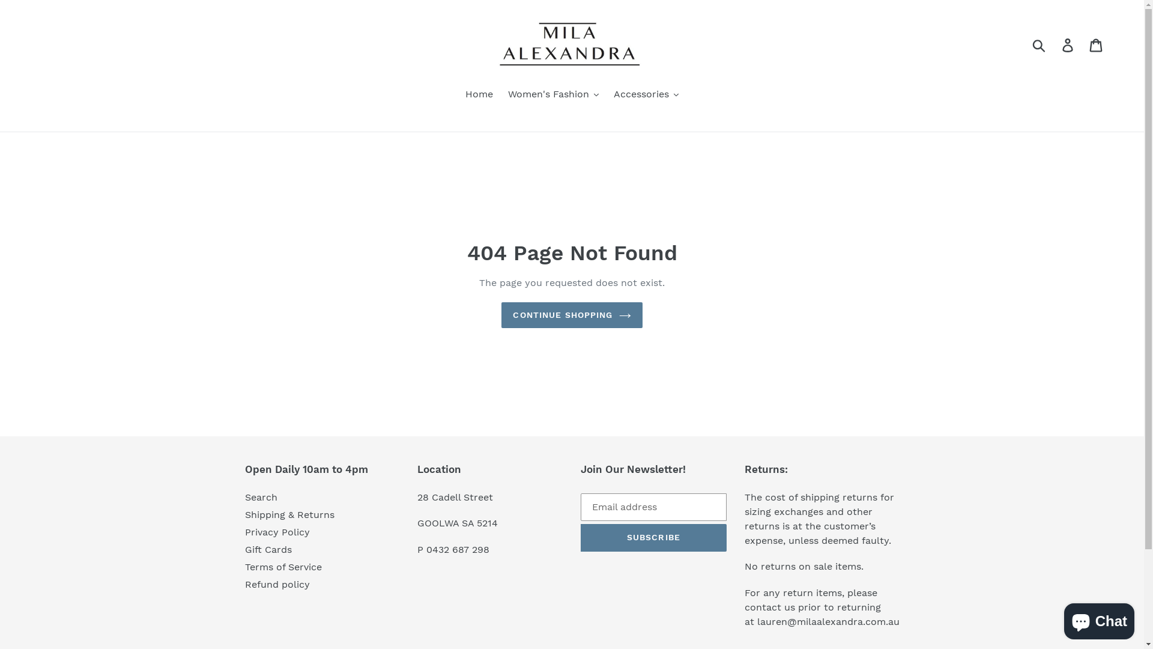 Image resolution: width=1153 pixels, height=649 pixels. Describe the element at coordinates (828, 621) in the screenshot. I see `'lauren@milaalexandra.com.au'` at that location.